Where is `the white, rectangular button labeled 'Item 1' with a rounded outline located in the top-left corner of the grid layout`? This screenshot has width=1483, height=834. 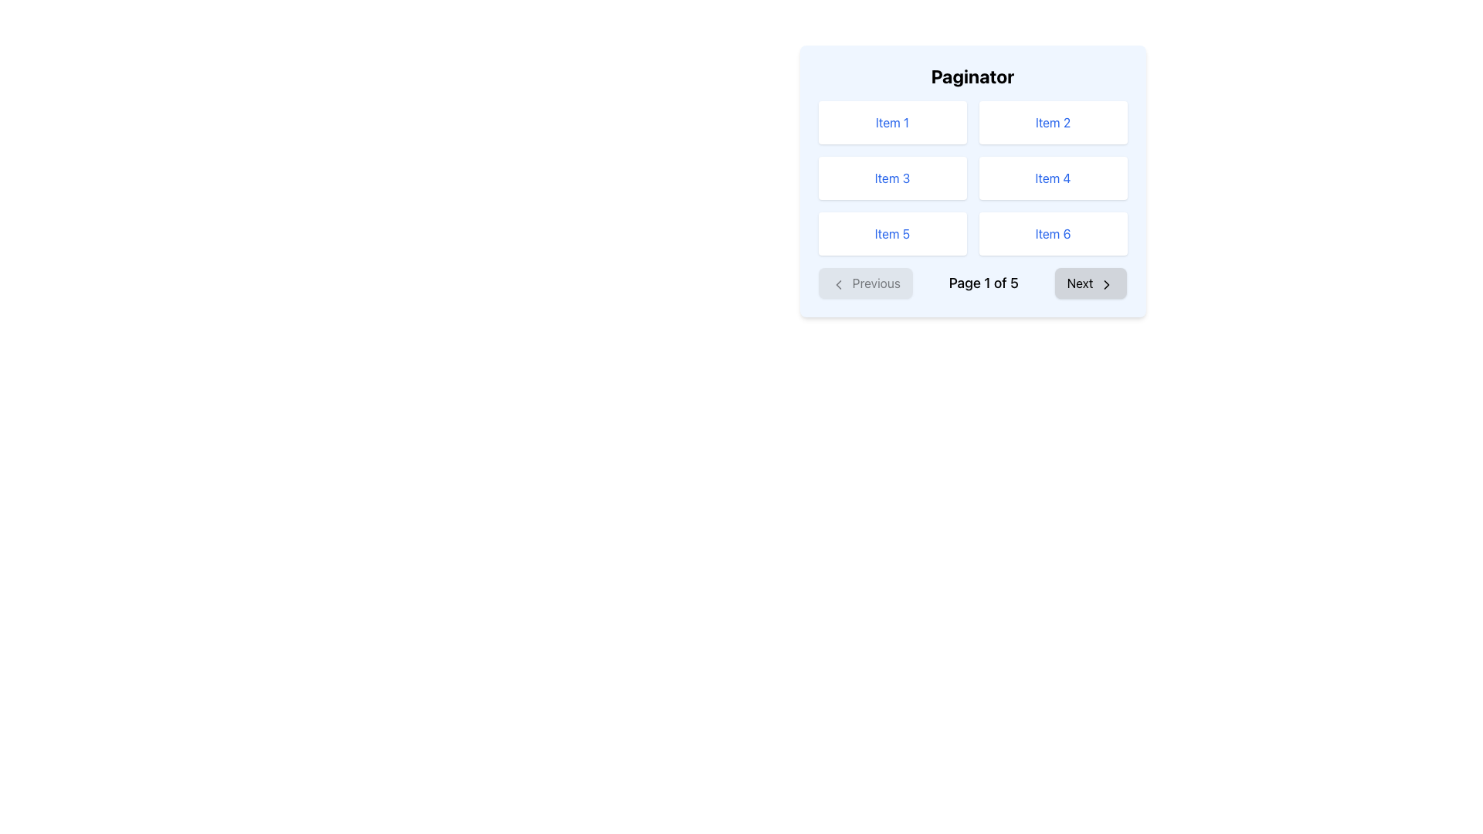 the white, rectangular button labeled 'Item 1' with a rounded outline located in the top-left corner of the grid layout is located at coordinates (892, 121).